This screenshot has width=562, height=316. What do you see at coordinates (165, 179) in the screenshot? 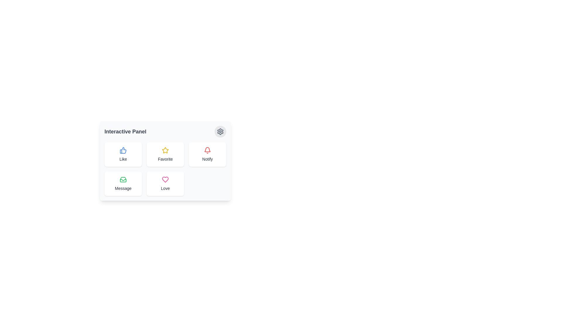
I see `the heart-shaped icon with a pink outline located within the 'Love' section` at bounding box center [165, 179].